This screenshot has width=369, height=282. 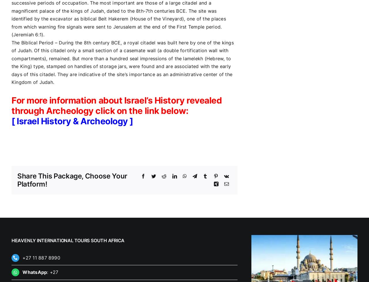 What do you see at coordinates (71, 180) in the screenshot?
I see `'Share This Package, Choose Your Platform!'` at bounding box center [71, 180].